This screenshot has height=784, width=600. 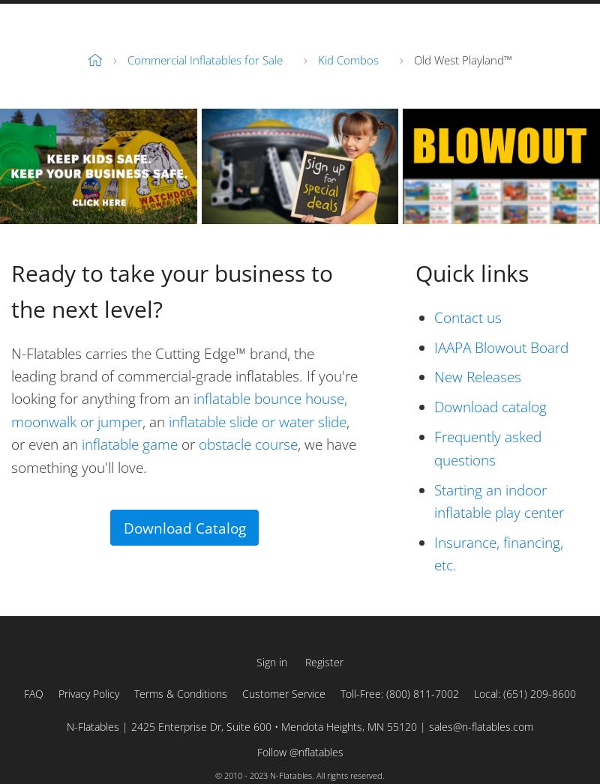 What do you see at coordinates (501, 346) in the screenshot?
I see `'IAAPA Blowout Board'` at bounding box center [501, 346].